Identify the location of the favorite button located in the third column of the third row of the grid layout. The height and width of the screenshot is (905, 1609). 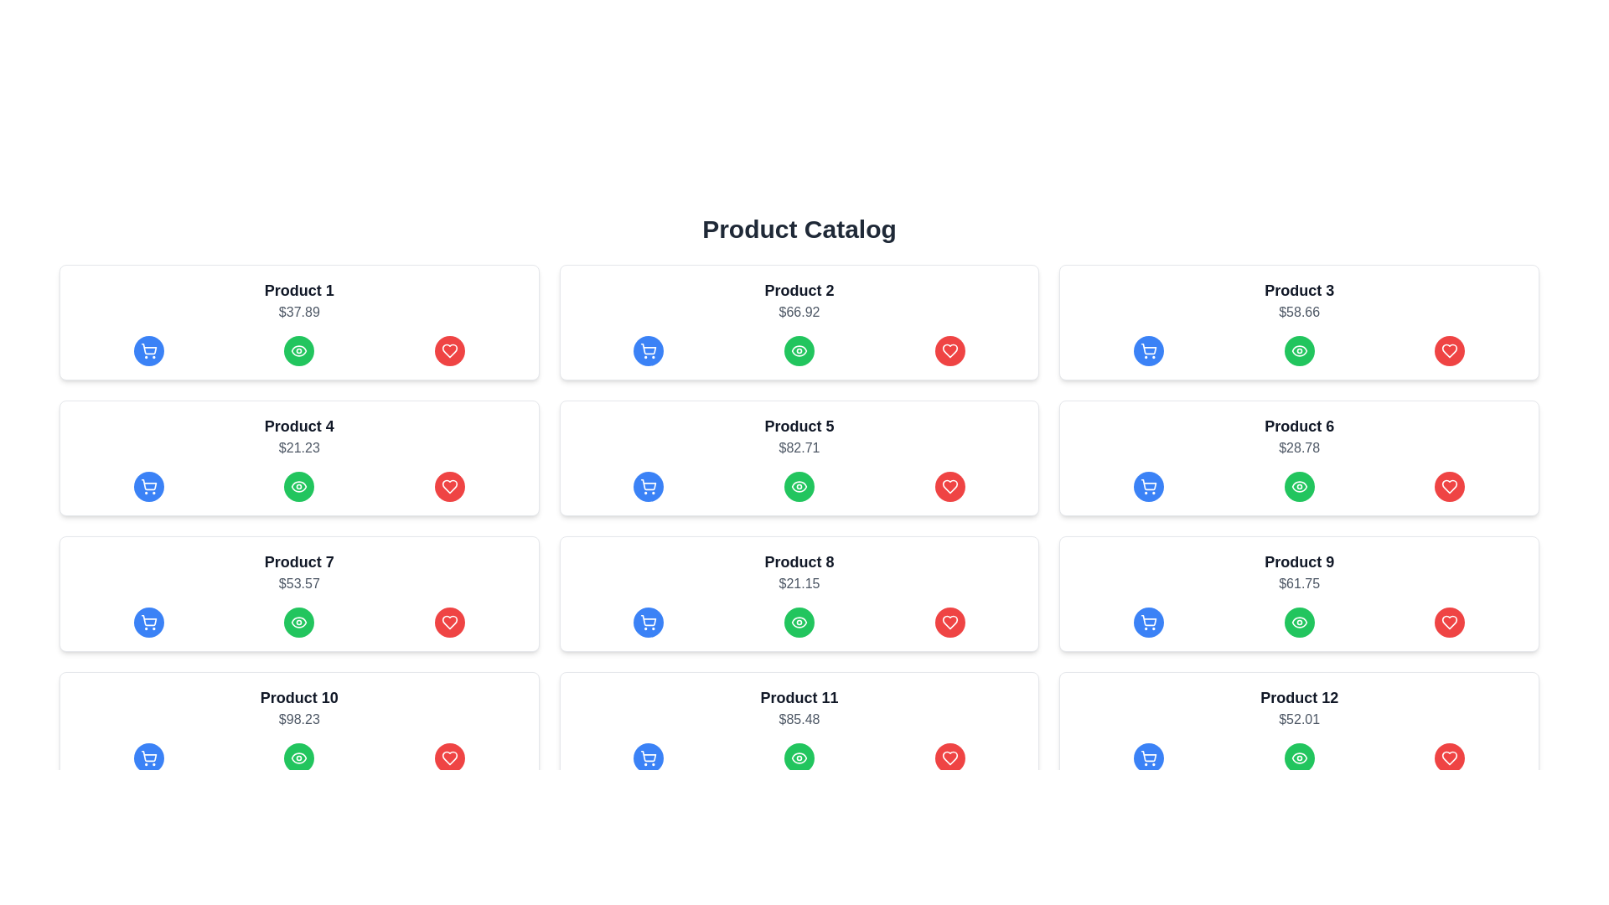
(949, 623).